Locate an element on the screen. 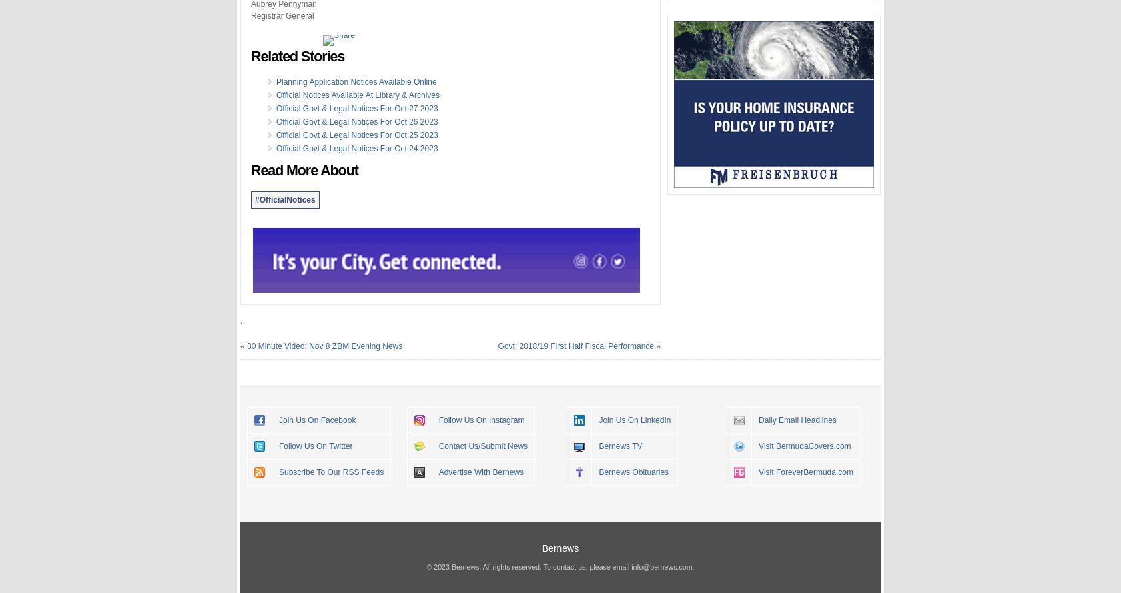  'Advertise With Bernews' is located at coordinates (481, 470).